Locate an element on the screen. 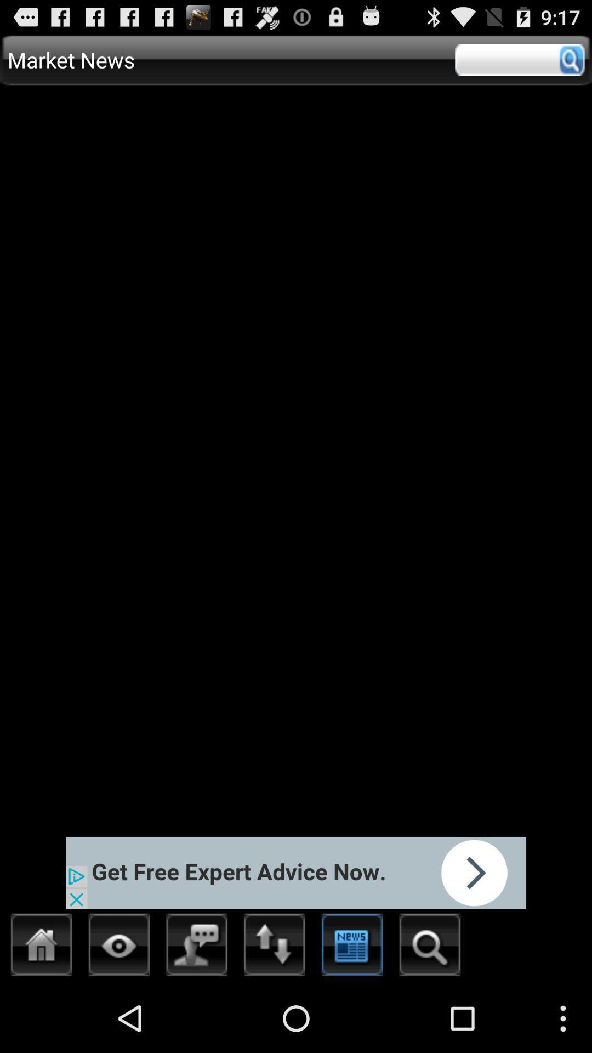  search is located at coordinates (429, 947).